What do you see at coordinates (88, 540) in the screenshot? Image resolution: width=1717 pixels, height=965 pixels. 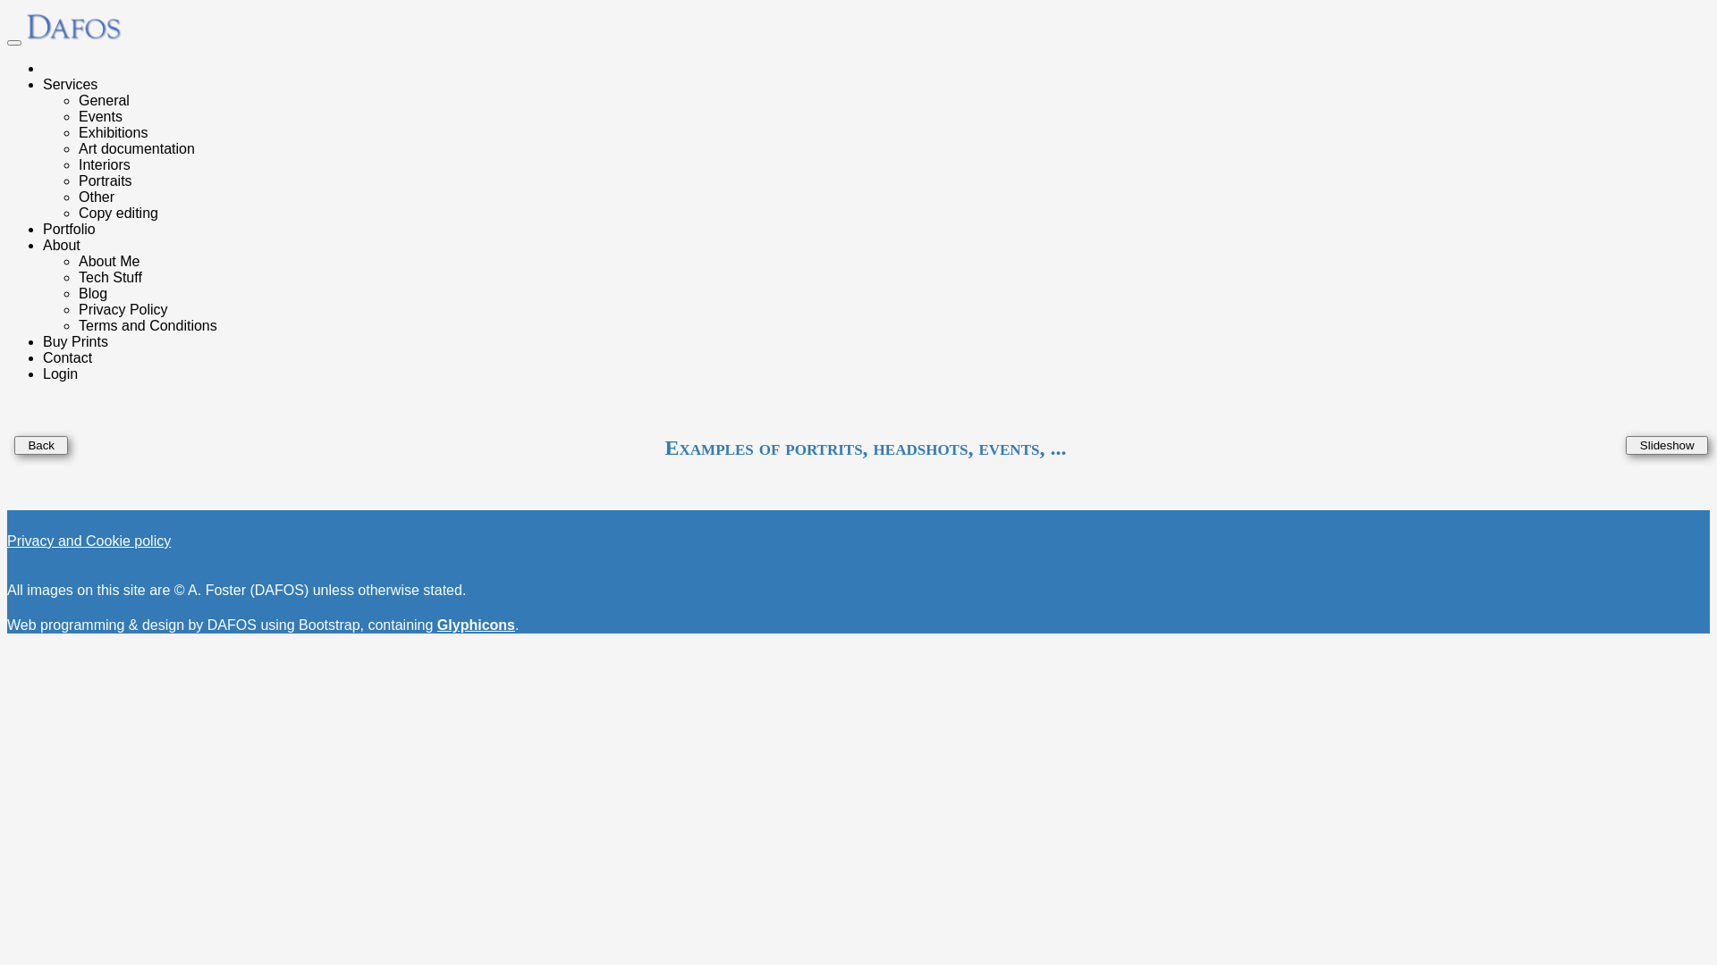 I see `'Privacy and Cookie policy'` at bounding box center [88, 540].